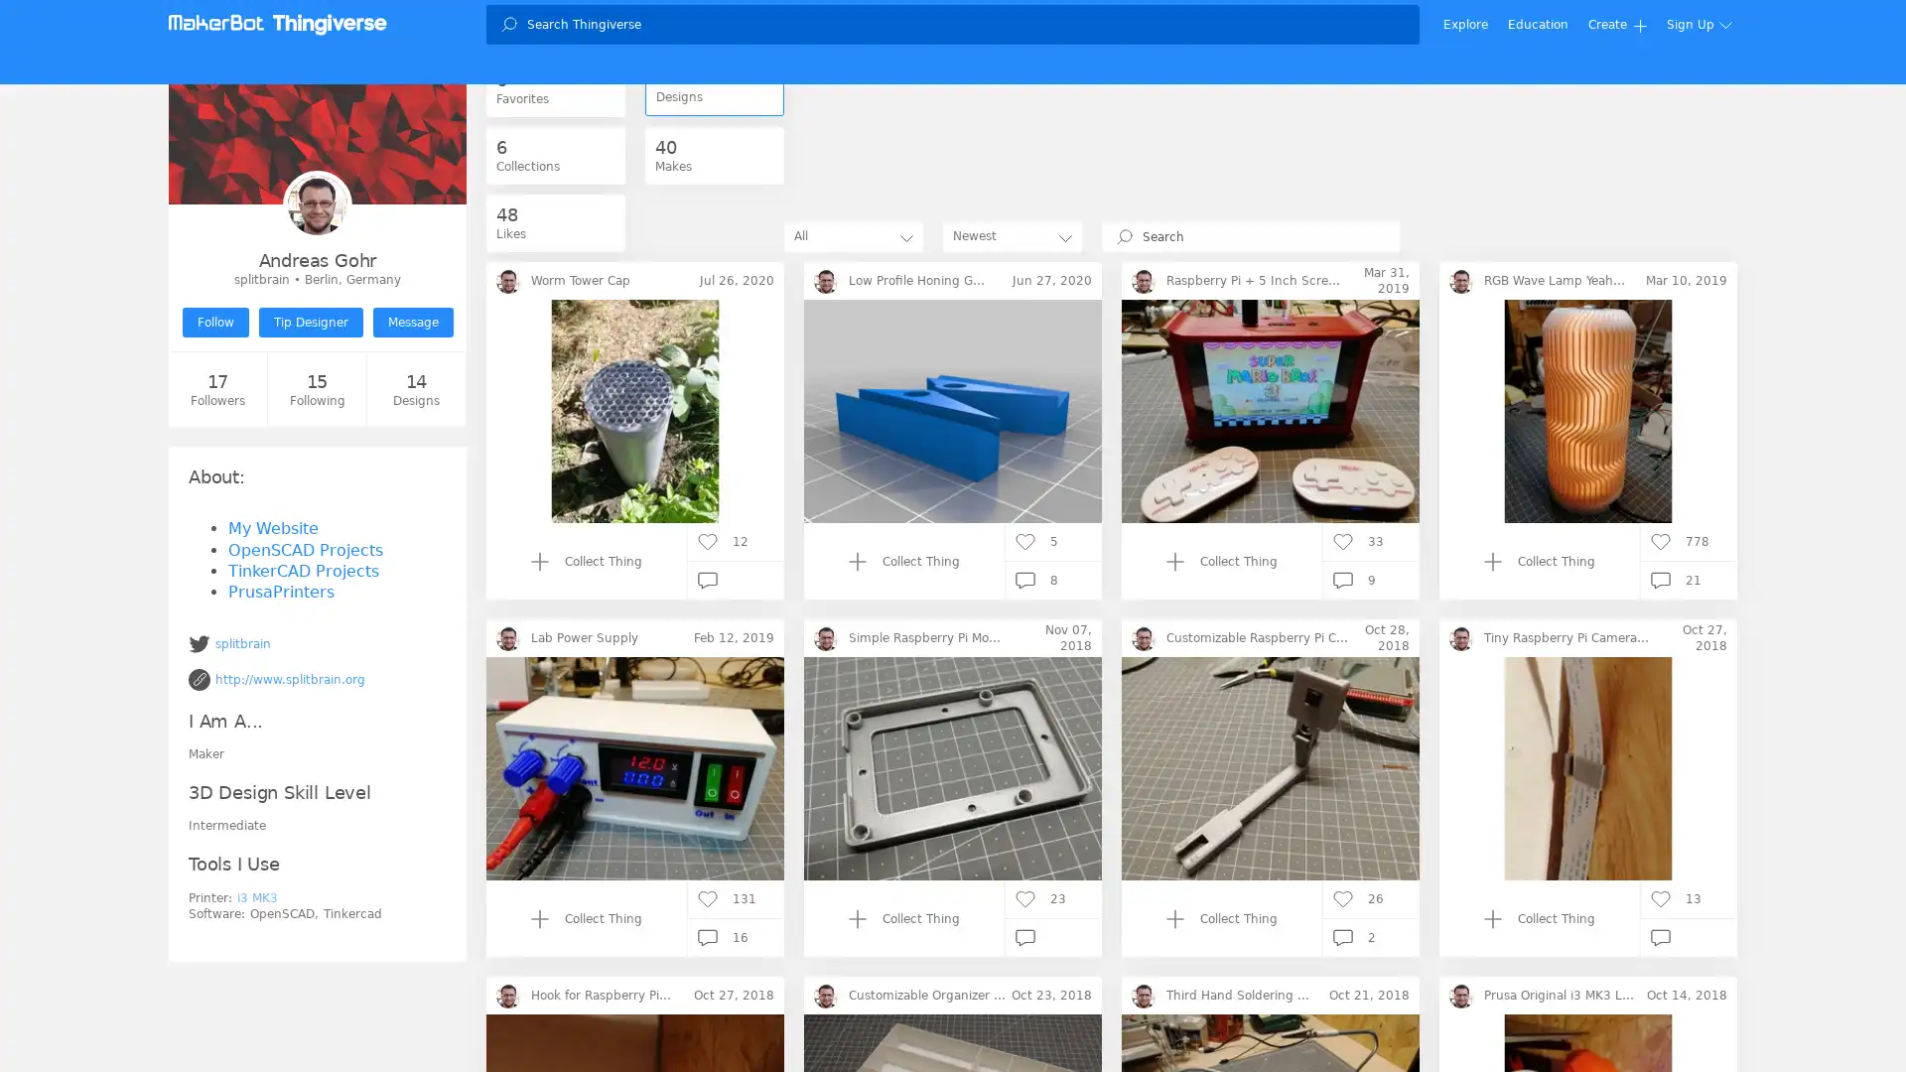 This screenshot has height=1072, width=1906. What do you see at coordinates (411, 321) in the screenshot?
I see `Message` at bounding box center [411, 321].